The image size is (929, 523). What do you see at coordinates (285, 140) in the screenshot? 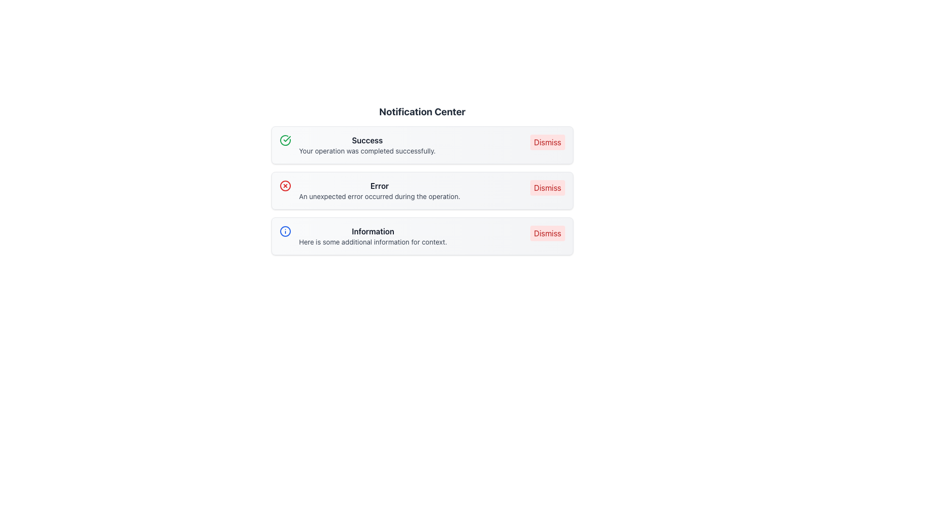
I see `the success indicator icon located in the first notification item under the 'Notification Center', positioned to the left of the text 'Success'` at bounding box center [285, 140].